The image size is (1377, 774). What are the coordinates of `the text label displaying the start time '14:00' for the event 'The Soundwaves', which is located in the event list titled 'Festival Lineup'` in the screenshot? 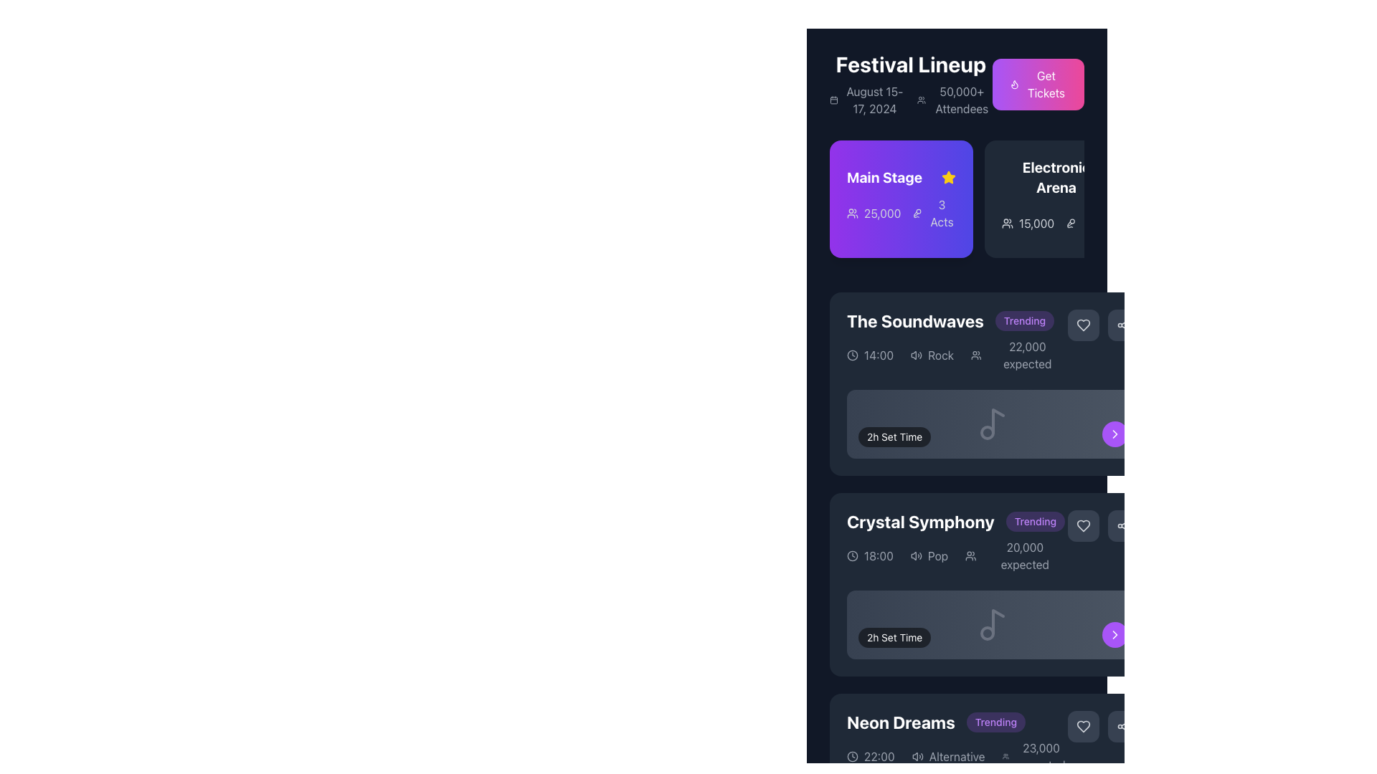 It's located at (878, 355).